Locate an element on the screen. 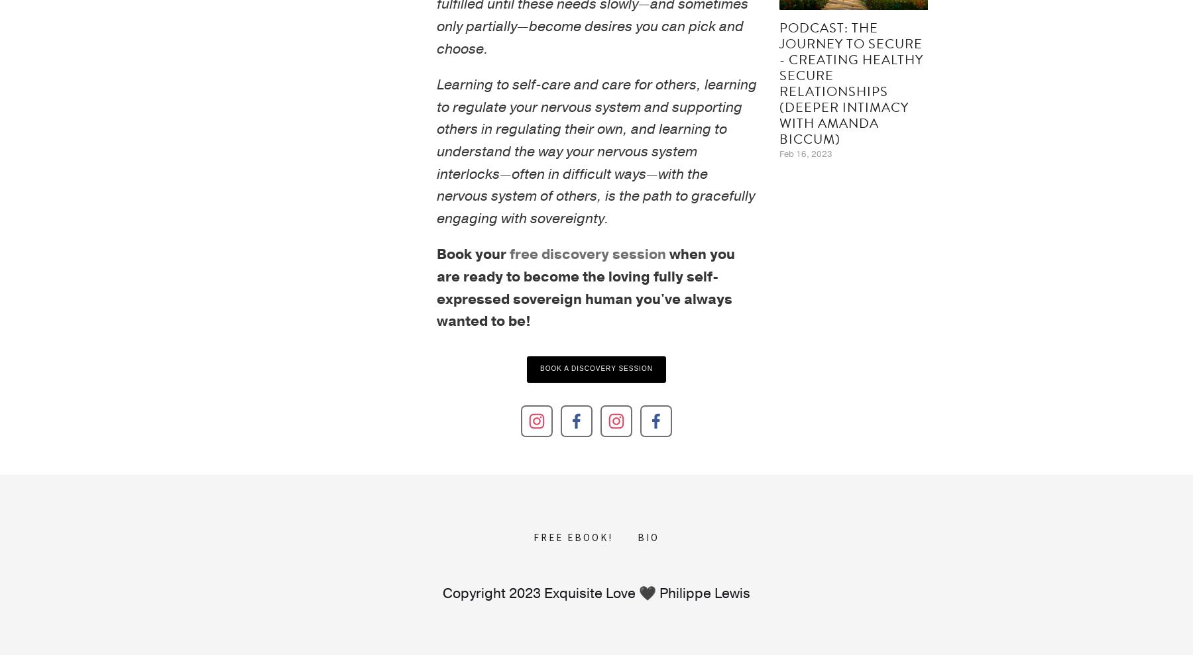 This screenshot has height=655, width=1193. 'free discovery session' is located at coordinates (587, 254).